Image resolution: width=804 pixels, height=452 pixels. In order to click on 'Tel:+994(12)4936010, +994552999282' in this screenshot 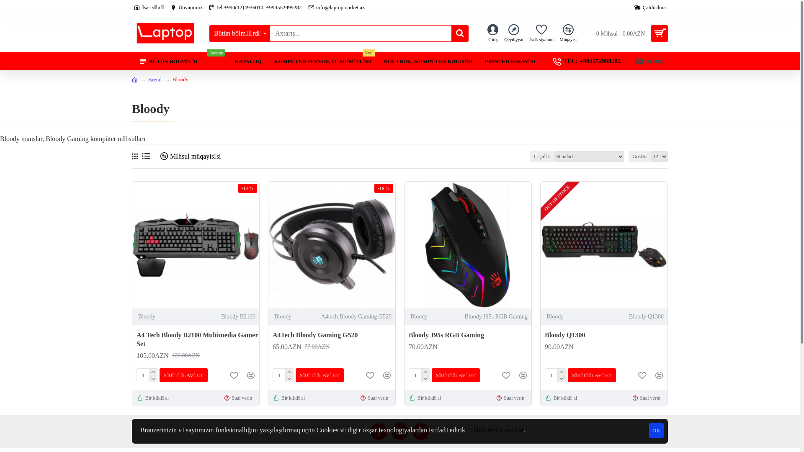, I will do `click(255, 7)`.